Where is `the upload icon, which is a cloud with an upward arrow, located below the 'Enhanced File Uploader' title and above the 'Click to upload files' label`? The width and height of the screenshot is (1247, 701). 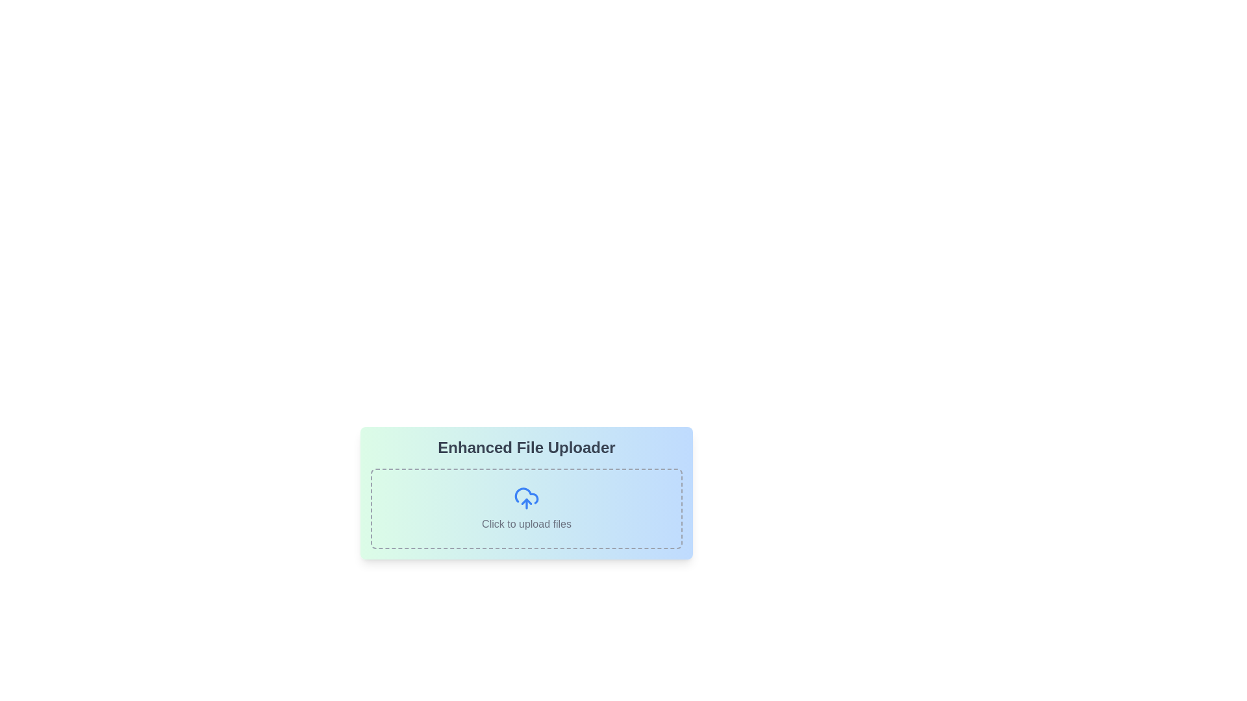
the upload icon, which is a cloud with an upward arrow, located below the 'Enhanced File Uploader' title and above the 'Click to upload files' label is located at coordinates (527, 495).